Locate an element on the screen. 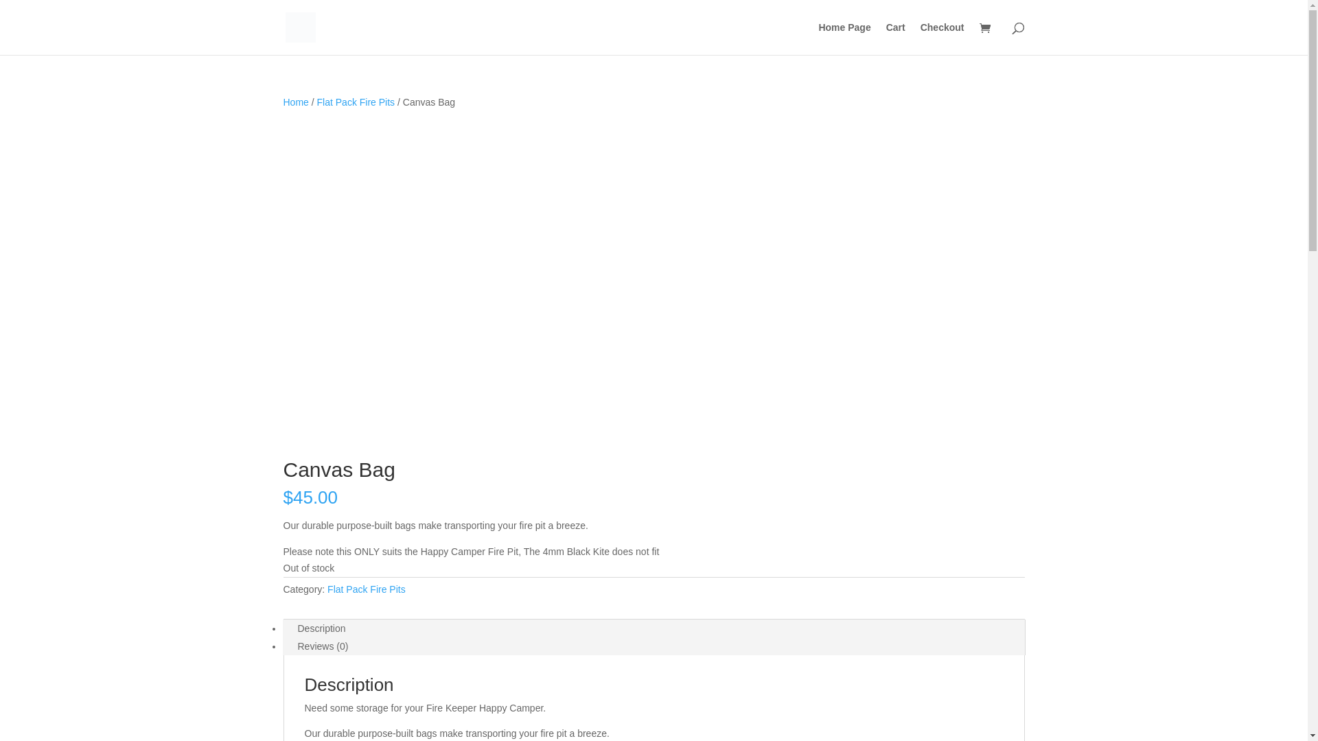  'Cart' is located at coordinates (896, 38).